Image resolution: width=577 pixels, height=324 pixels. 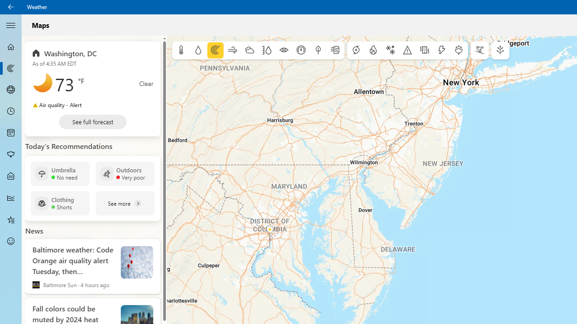 I want to click on 'Historical Weather - Not Selected', so click(x=11, y=197).